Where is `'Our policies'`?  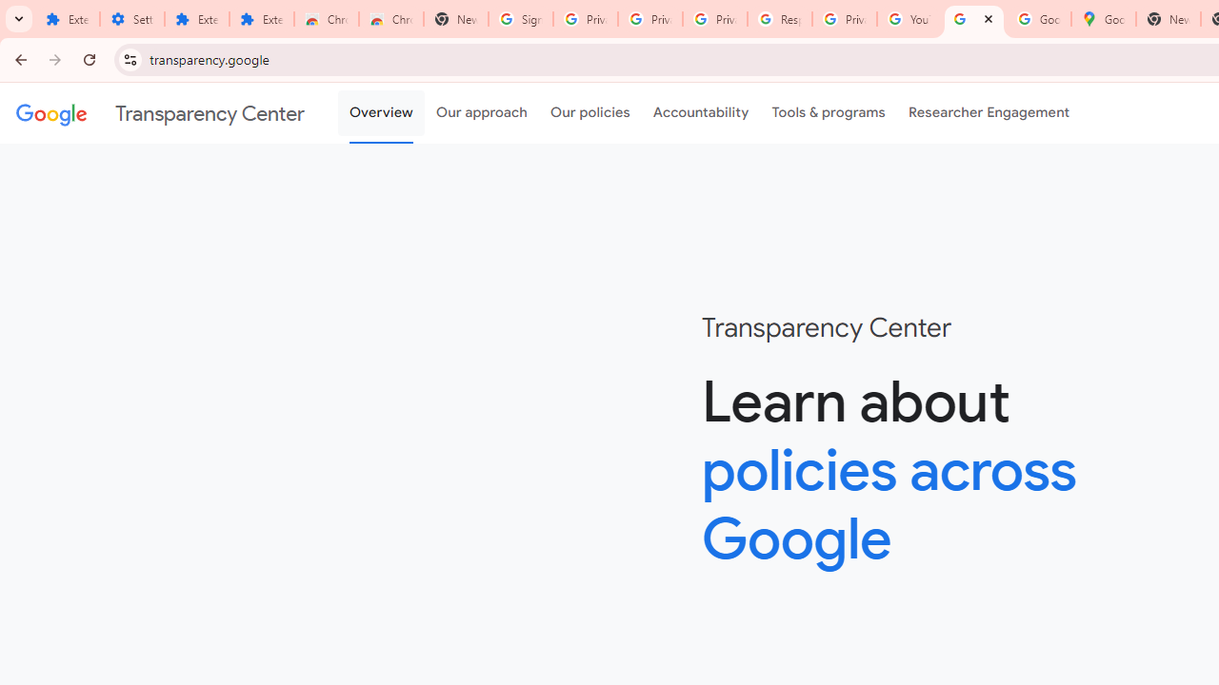 'Our policies' is located at coordinates (590, 113).